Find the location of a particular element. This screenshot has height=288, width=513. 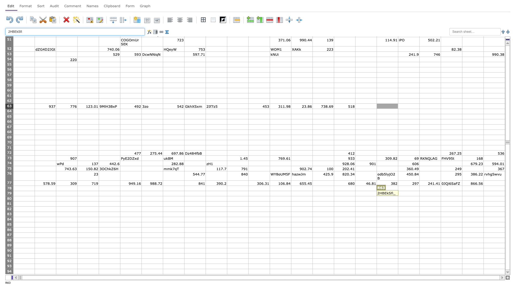

Top left of cell U79 is located at coordinates (441, 191).